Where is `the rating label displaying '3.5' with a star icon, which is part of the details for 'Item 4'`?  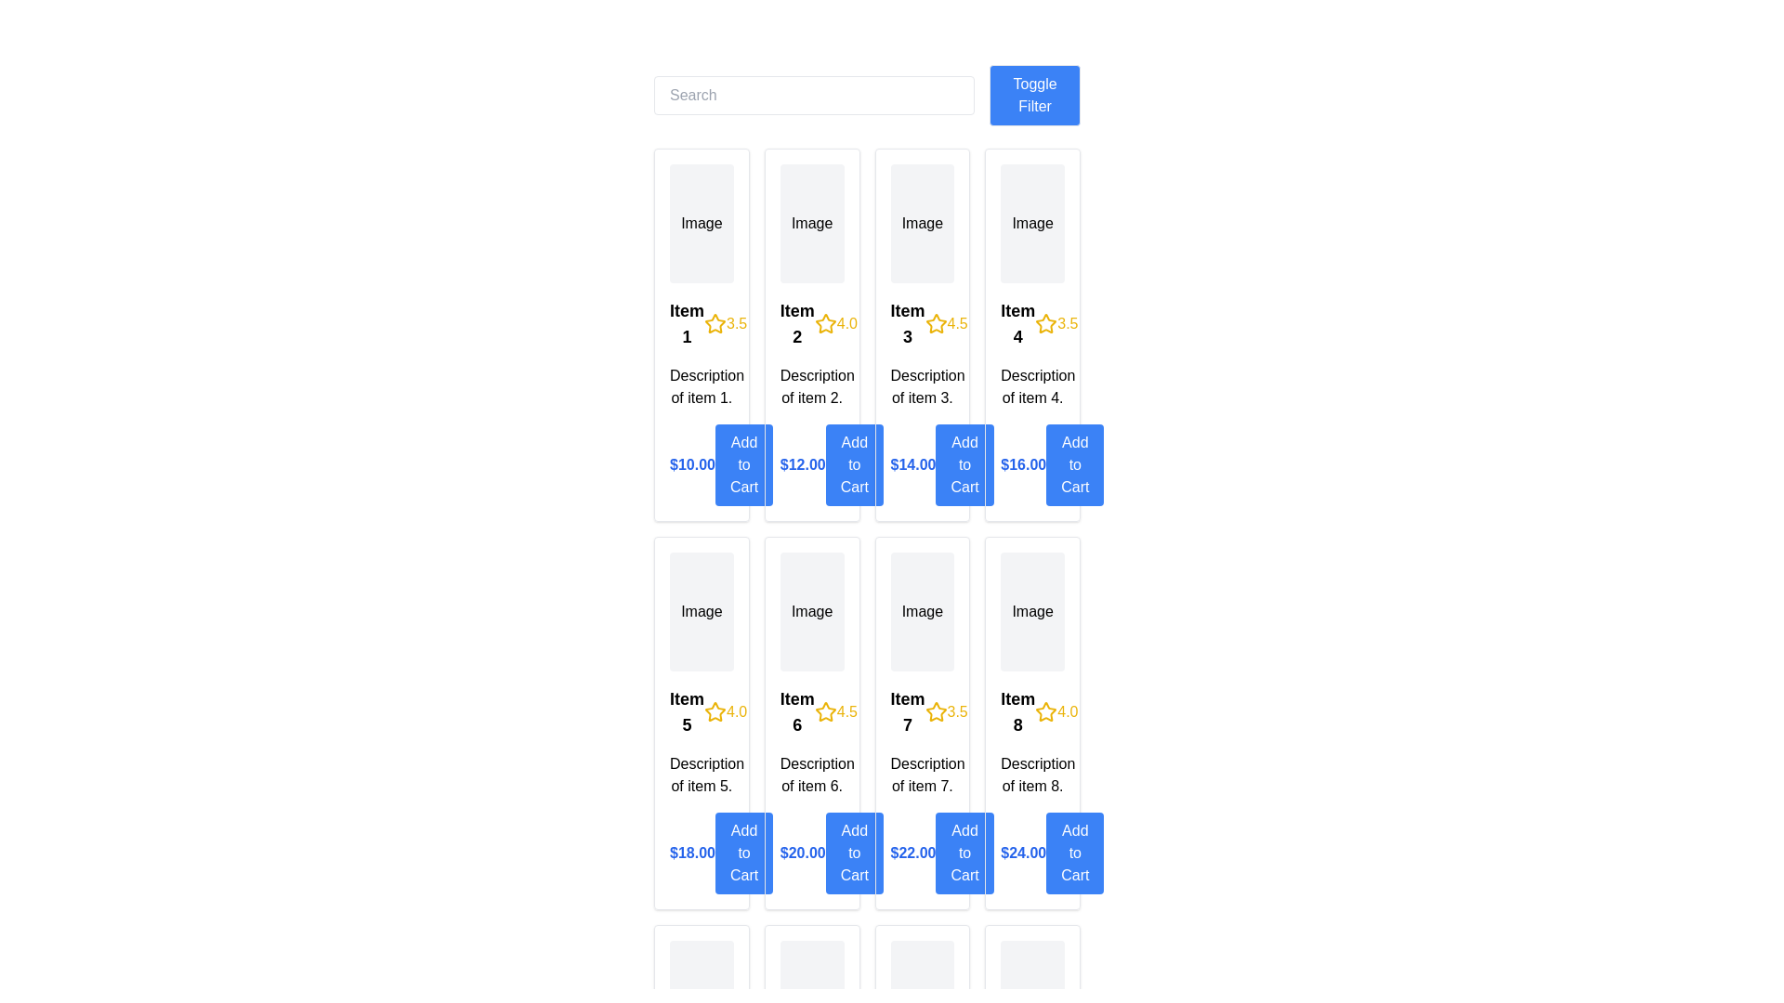
the rating label displaying '3.5' with a star icon, which is part of the details for 'Item 4' is located at coordinates (1056, 322).